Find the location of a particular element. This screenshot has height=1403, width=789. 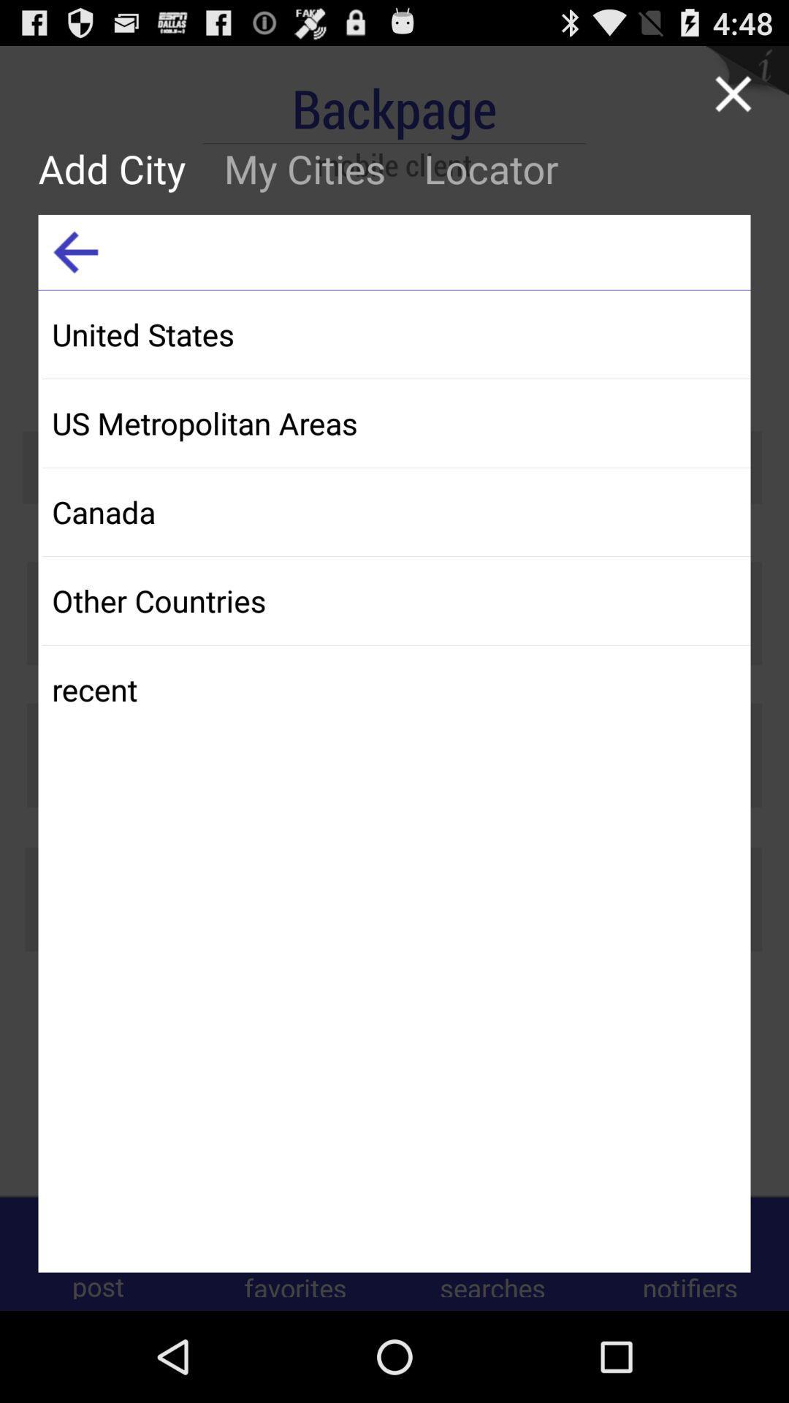

recent item is located at coordinates (396, 688).